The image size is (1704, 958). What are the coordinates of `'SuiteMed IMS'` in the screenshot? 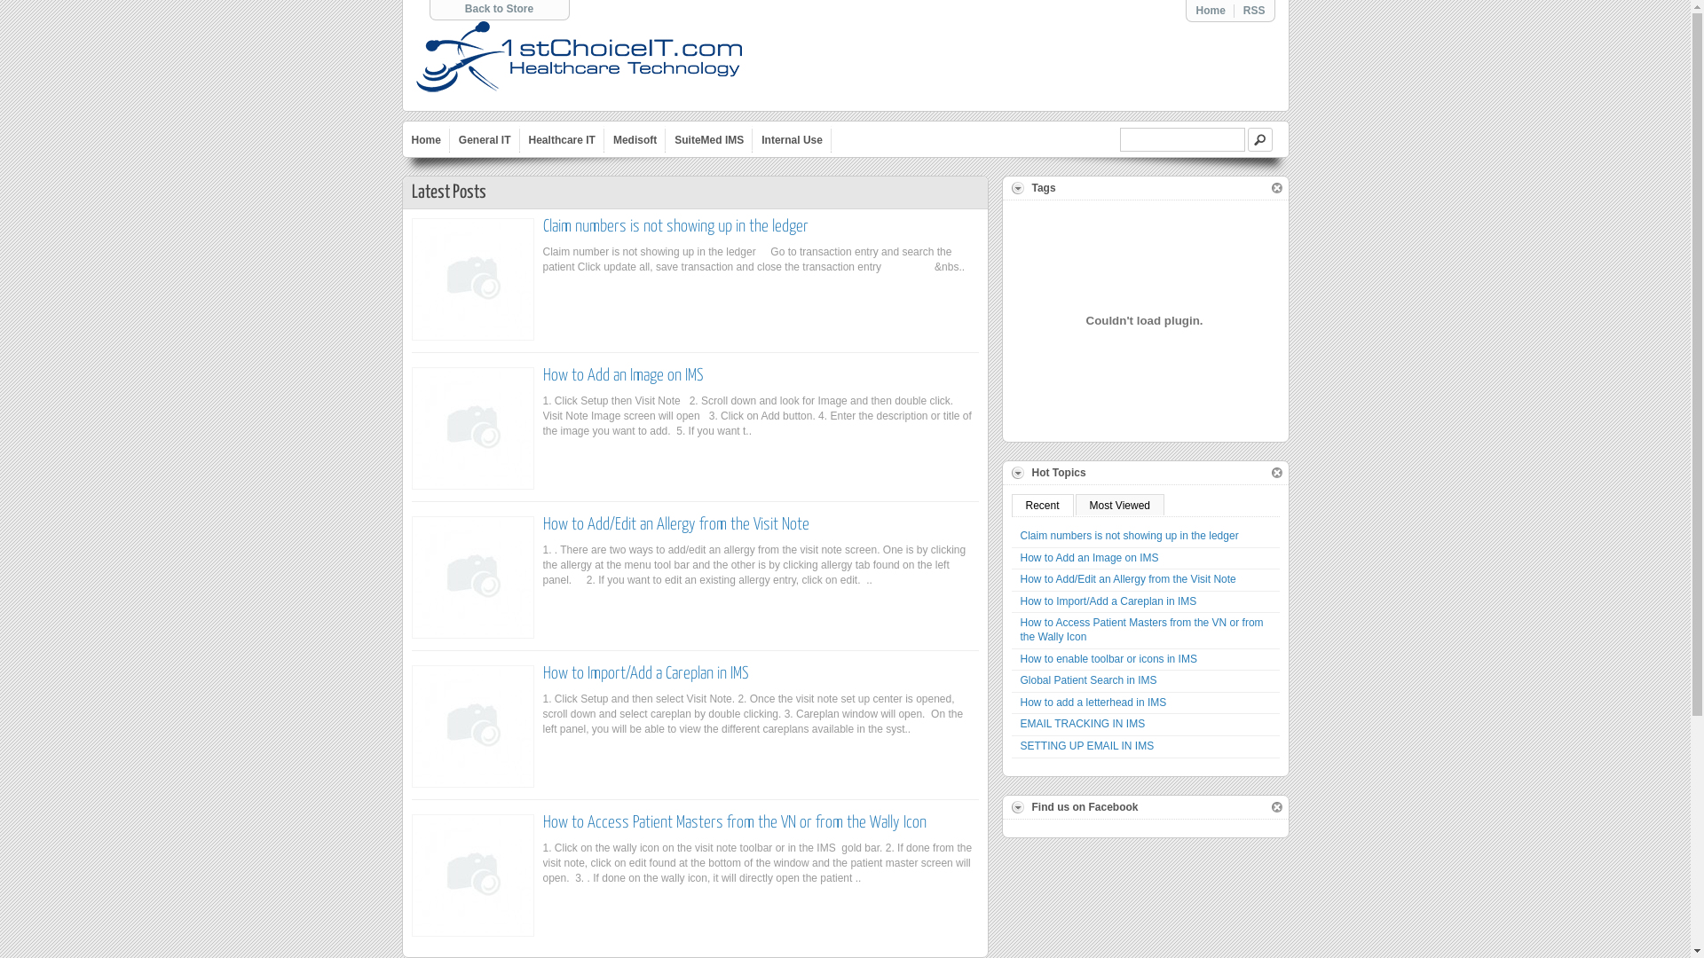 It's located at (707, 138).